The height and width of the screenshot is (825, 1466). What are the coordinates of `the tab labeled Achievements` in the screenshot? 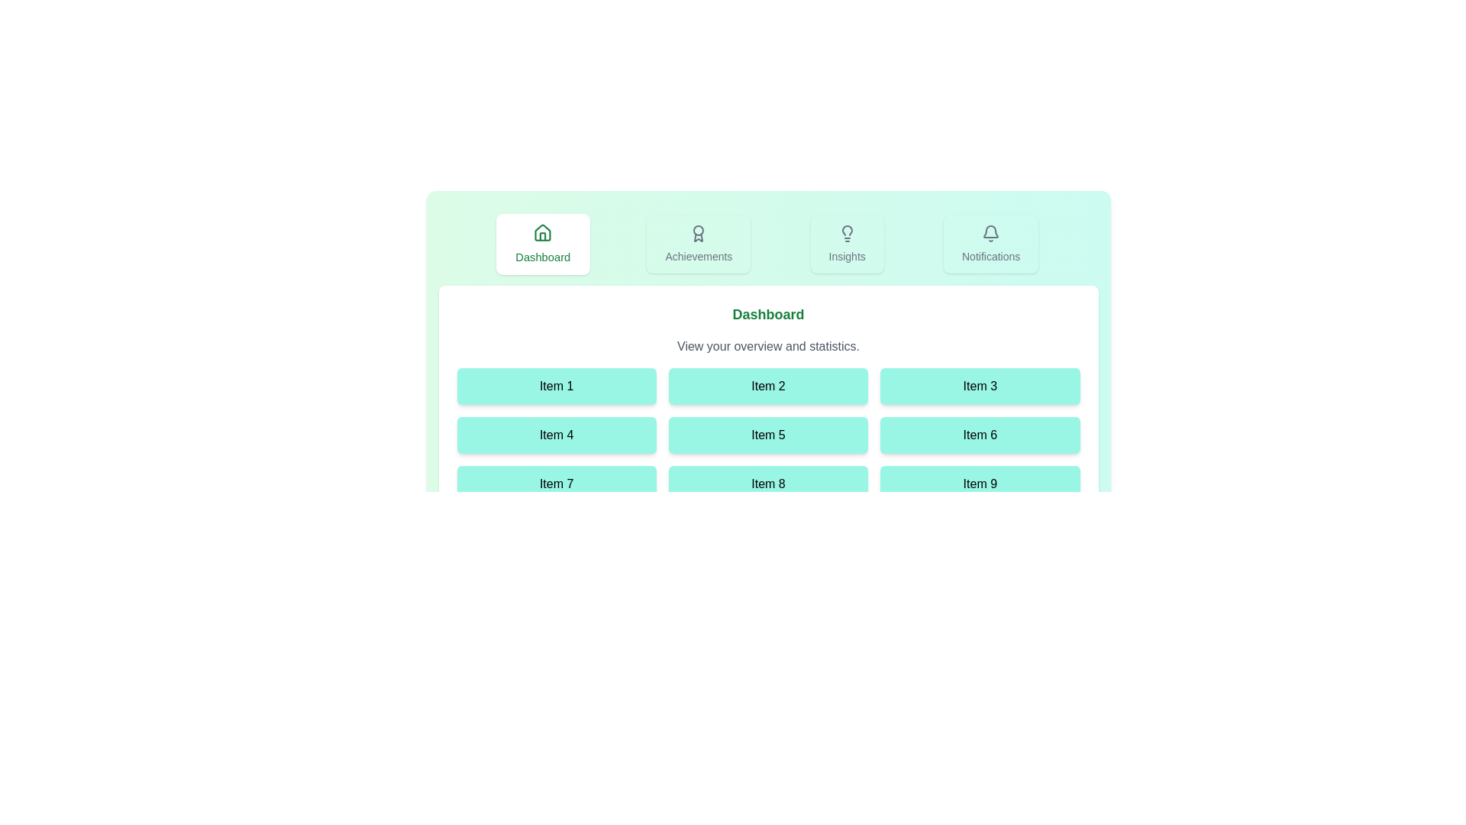 It's located at (698, 244).